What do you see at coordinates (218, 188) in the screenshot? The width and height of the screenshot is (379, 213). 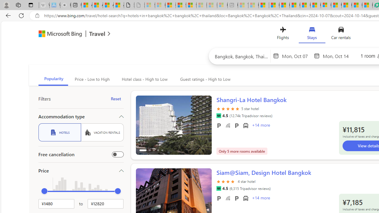 I see `'Tripadvisor'` at bounding box center [218, 188].